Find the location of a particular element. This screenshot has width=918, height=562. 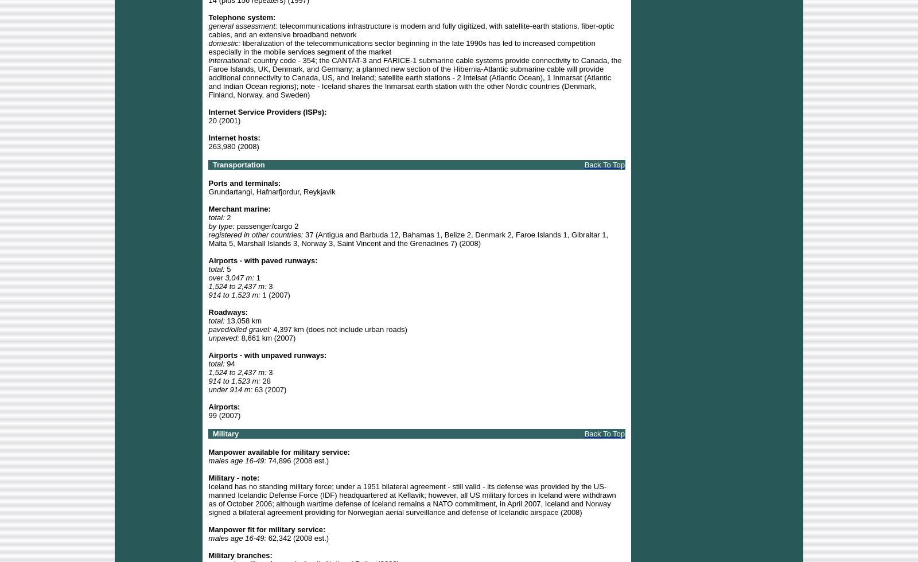

'unpaved:' is located at coordinates (223, 337).